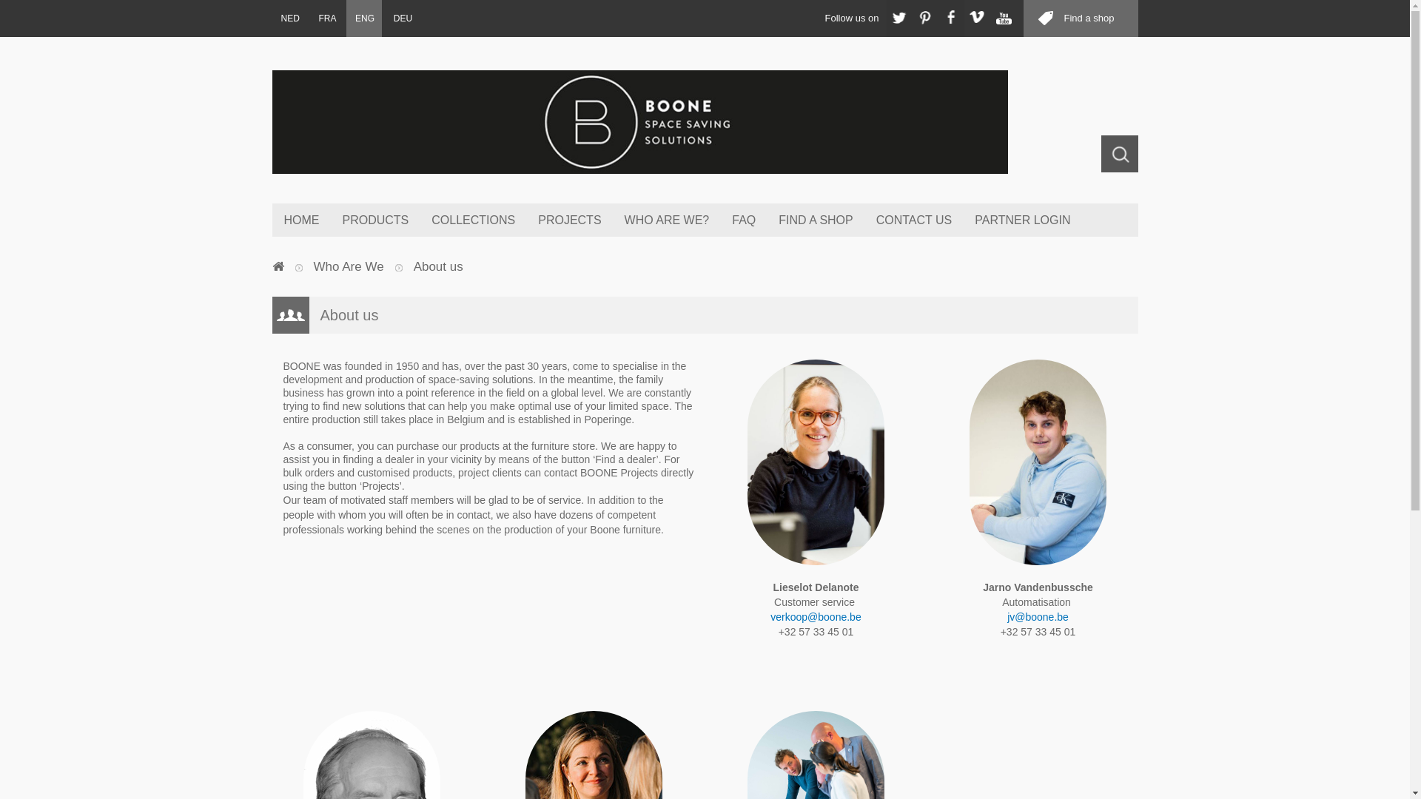 This screenshot has width=1421, height=799. Describe the element at coordinates (471, 220) in the screenshot. I see `'COLLECTIONS'` at that location.